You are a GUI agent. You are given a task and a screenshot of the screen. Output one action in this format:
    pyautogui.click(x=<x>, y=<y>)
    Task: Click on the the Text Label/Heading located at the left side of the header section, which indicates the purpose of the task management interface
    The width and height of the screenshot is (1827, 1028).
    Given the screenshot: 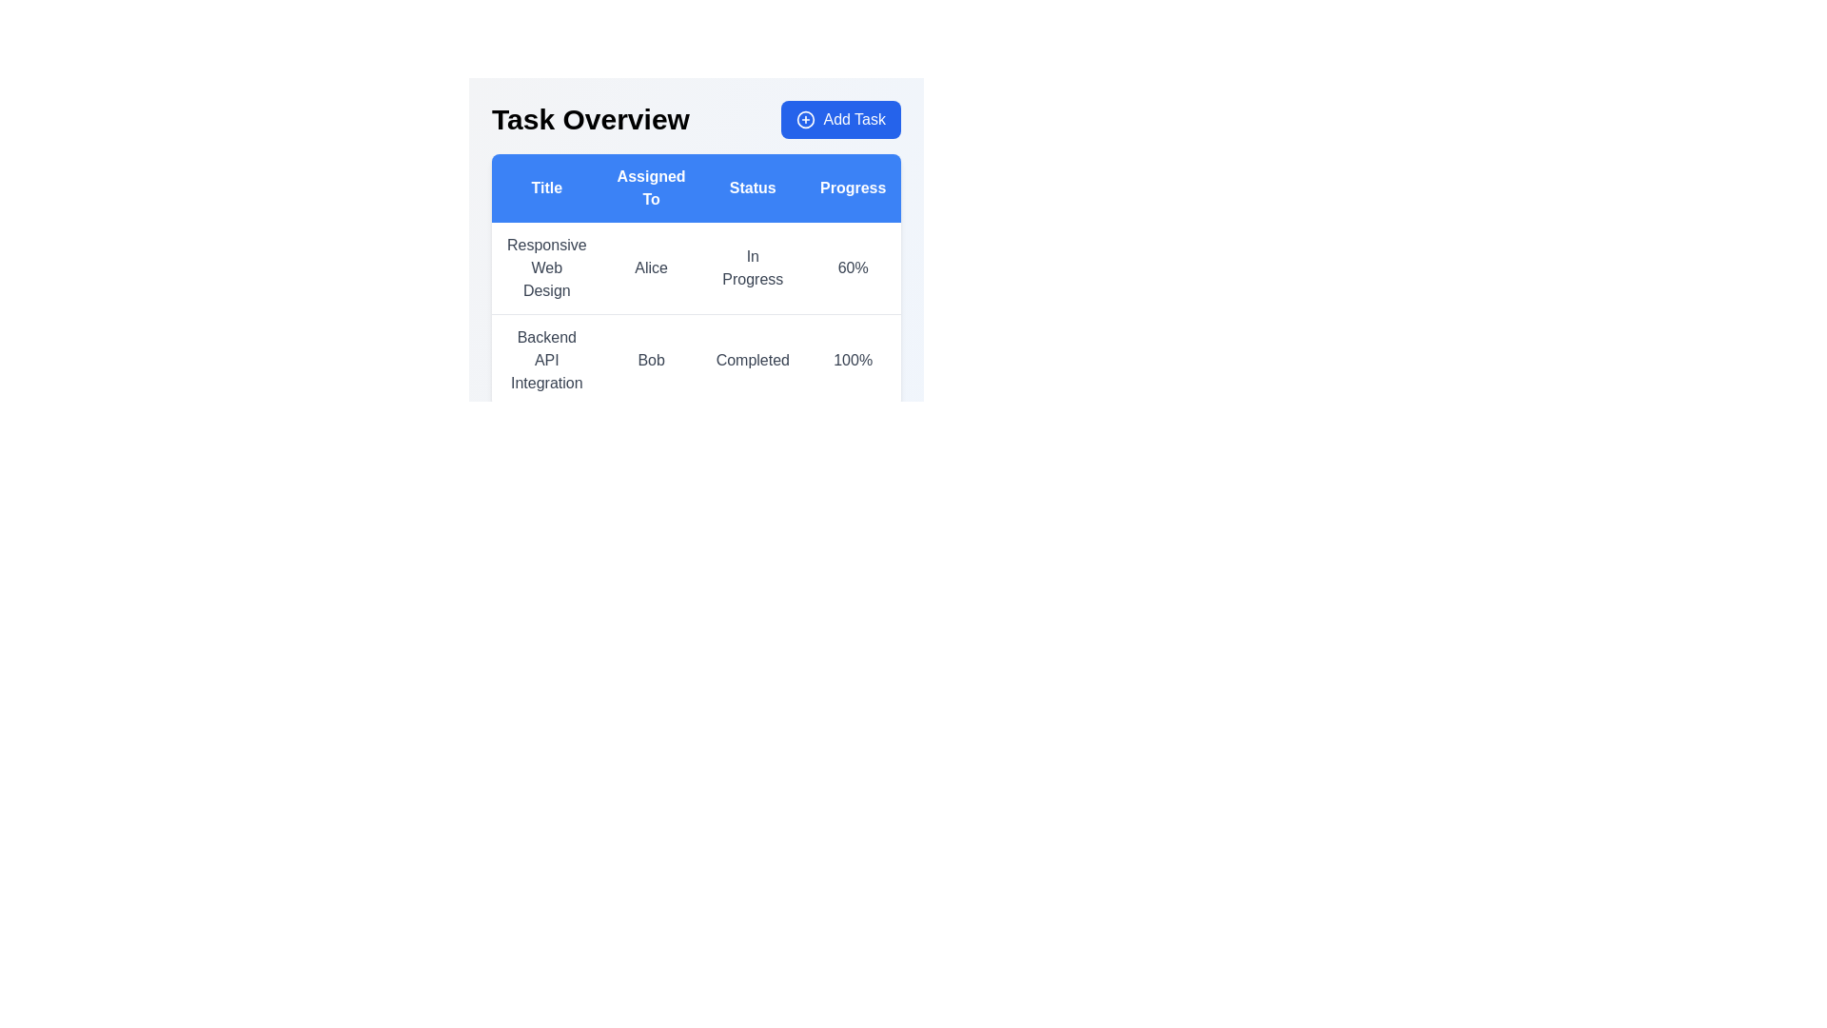 What is the action you would take?
    pyautogui.click(x=589, y=120)
    